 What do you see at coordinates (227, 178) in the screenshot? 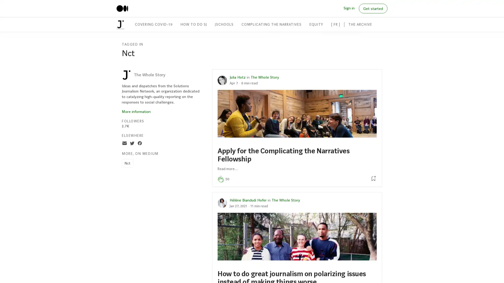
I see `50` at bounding box center [227, 178].